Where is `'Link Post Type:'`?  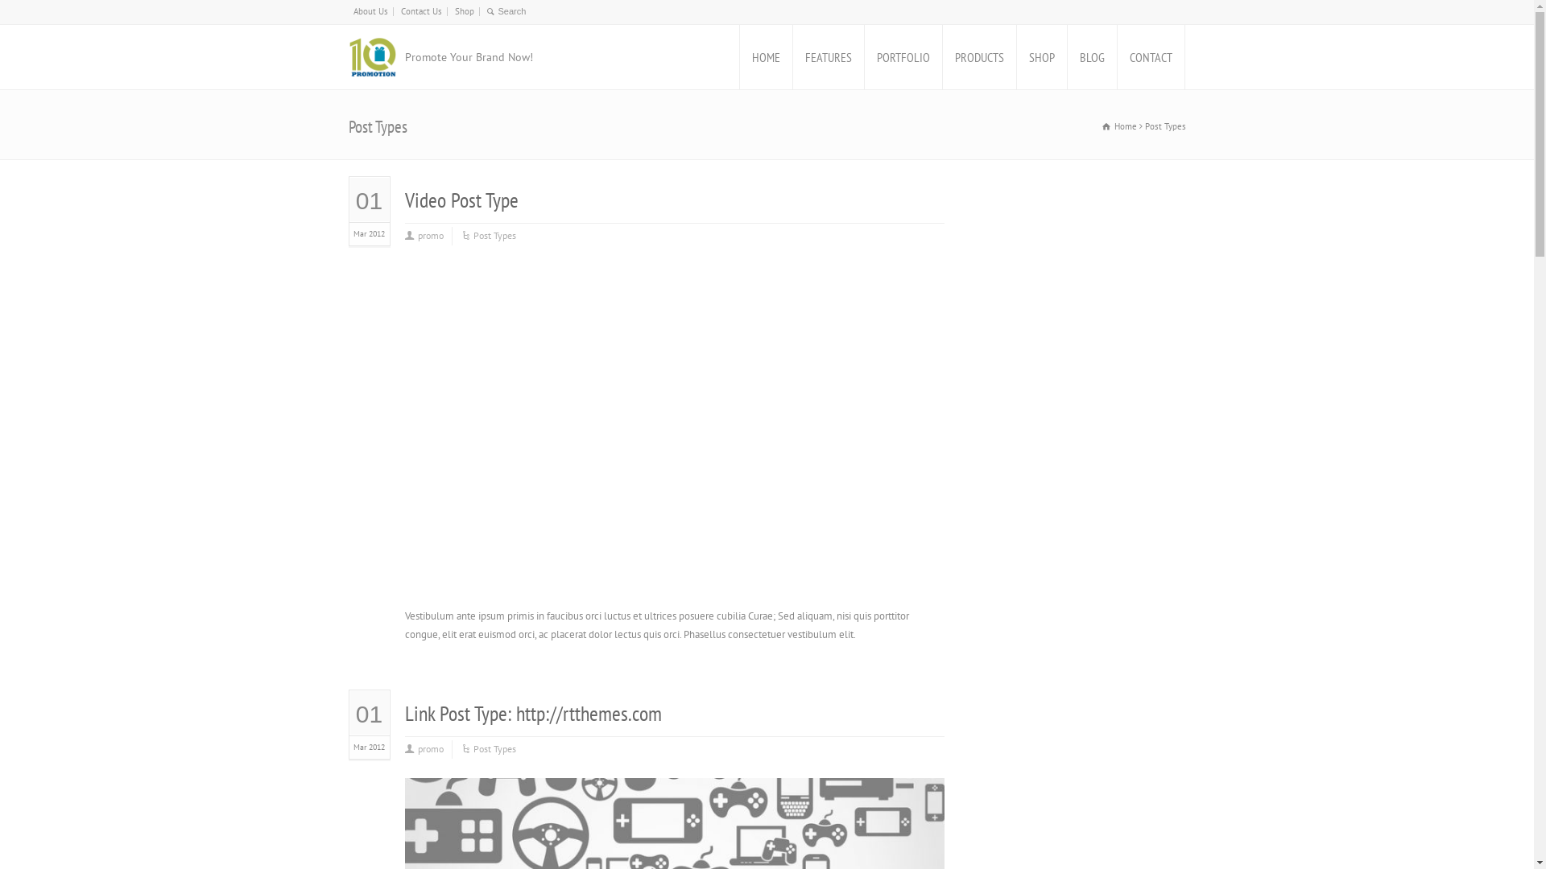 'Link Post Type:' is located at coordinates (459, 712).